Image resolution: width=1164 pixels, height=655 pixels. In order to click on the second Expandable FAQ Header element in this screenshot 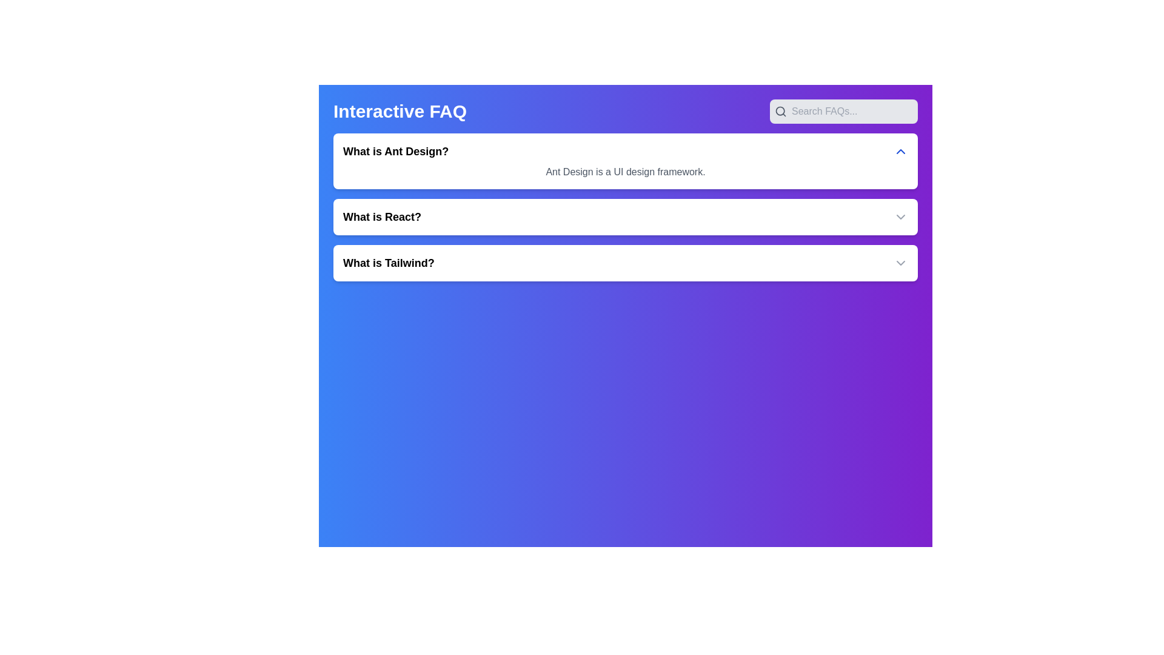, I will do `click(626, 217)`.